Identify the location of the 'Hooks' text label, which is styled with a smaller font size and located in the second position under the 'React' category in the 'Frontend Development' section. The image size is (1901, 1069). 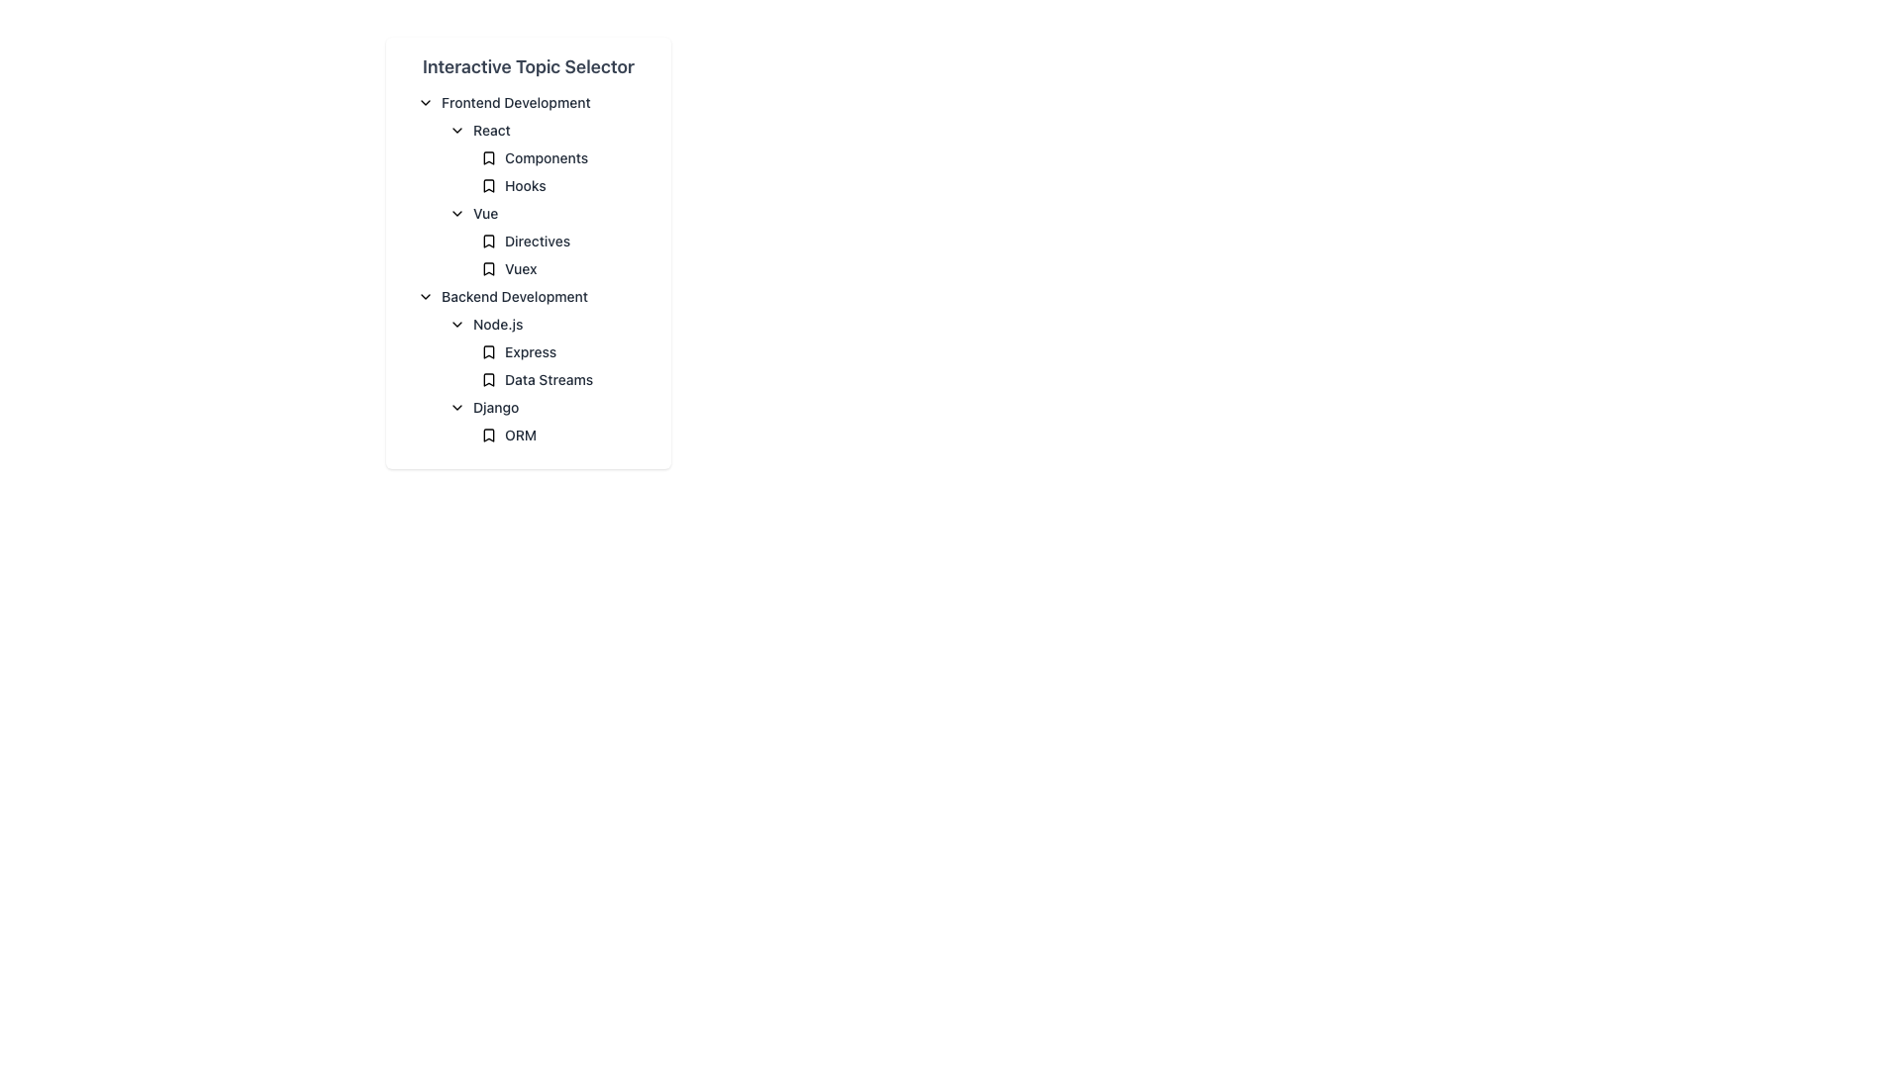
(545, 199).